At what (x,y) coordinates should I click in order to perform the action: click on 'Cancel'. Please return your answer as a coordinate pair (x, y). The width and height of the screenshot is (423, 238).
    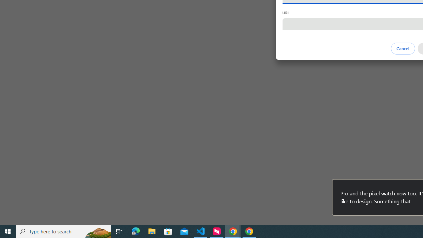
    Looking at the image, I should click on (402, 48).